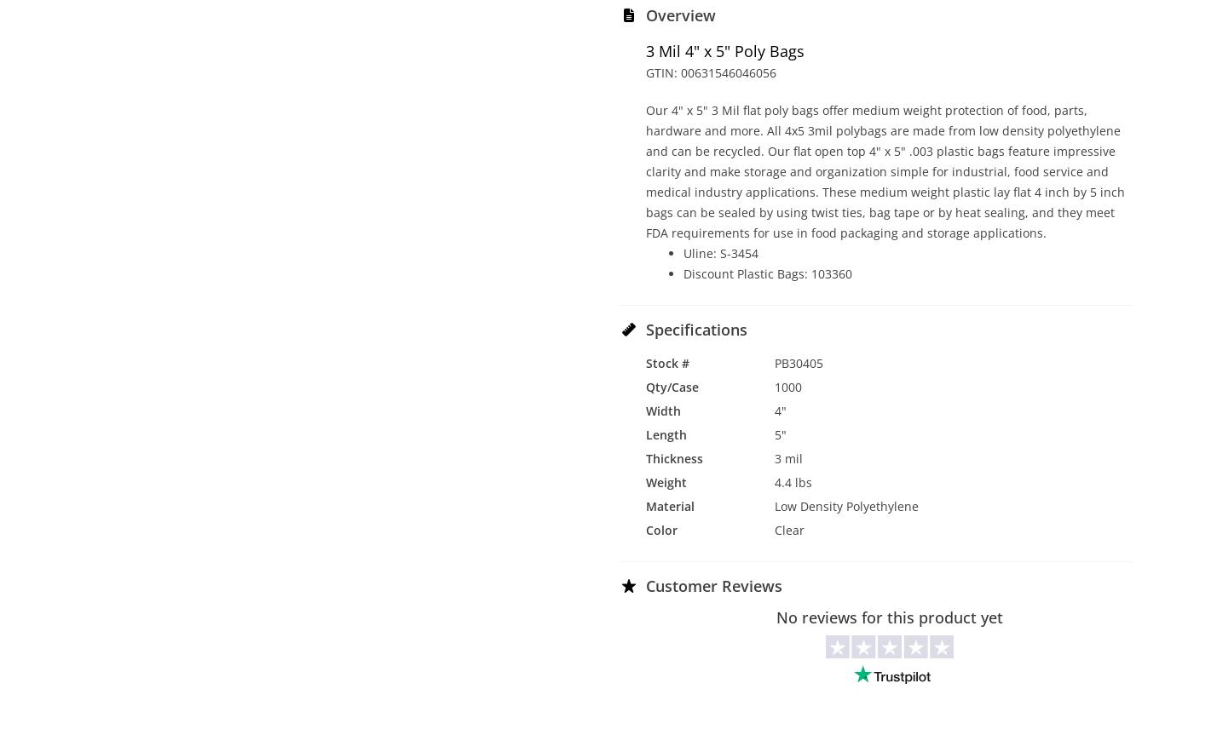  I want to click on '30-Day Returns & Exchanges', so click(763, 625).